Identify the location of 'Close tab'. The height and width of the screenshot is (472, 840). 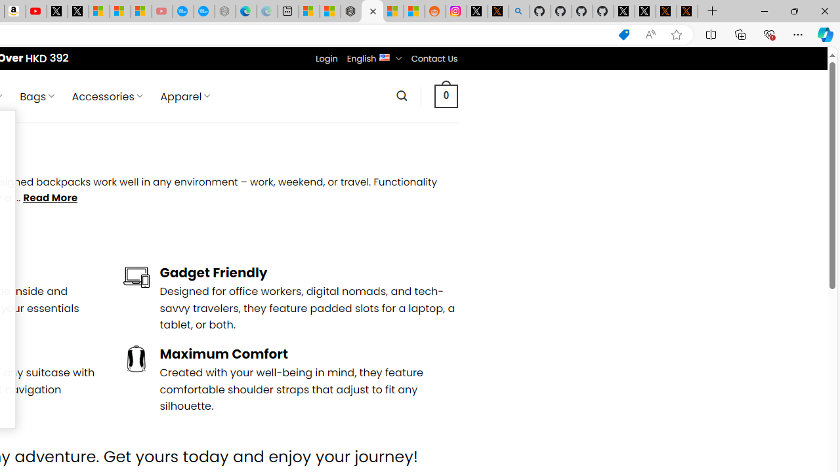
(372, 11).